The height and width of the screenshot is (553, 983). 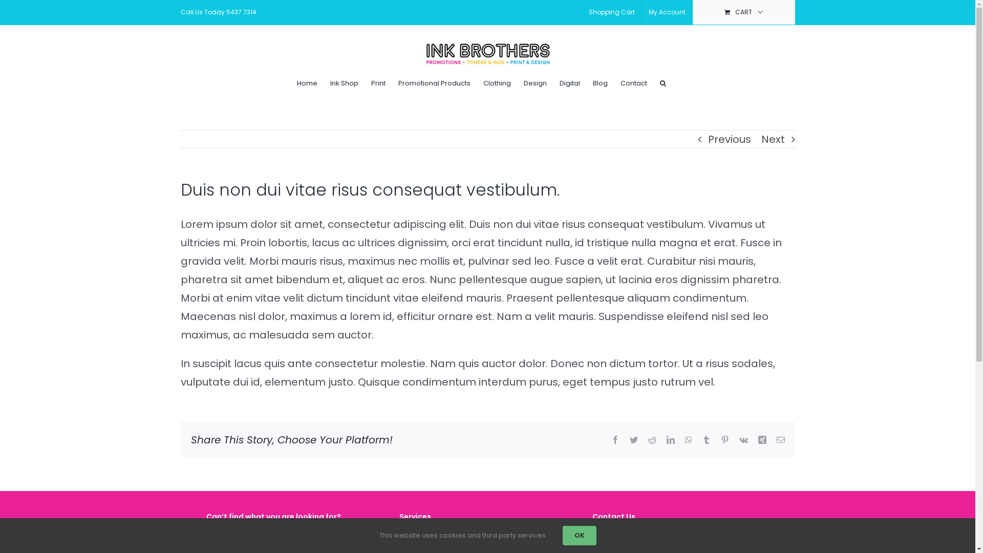 What do you see at coordinates (614, 439) in the screenshot?
I see `'Facebook'` at bounding box center [614, 439].